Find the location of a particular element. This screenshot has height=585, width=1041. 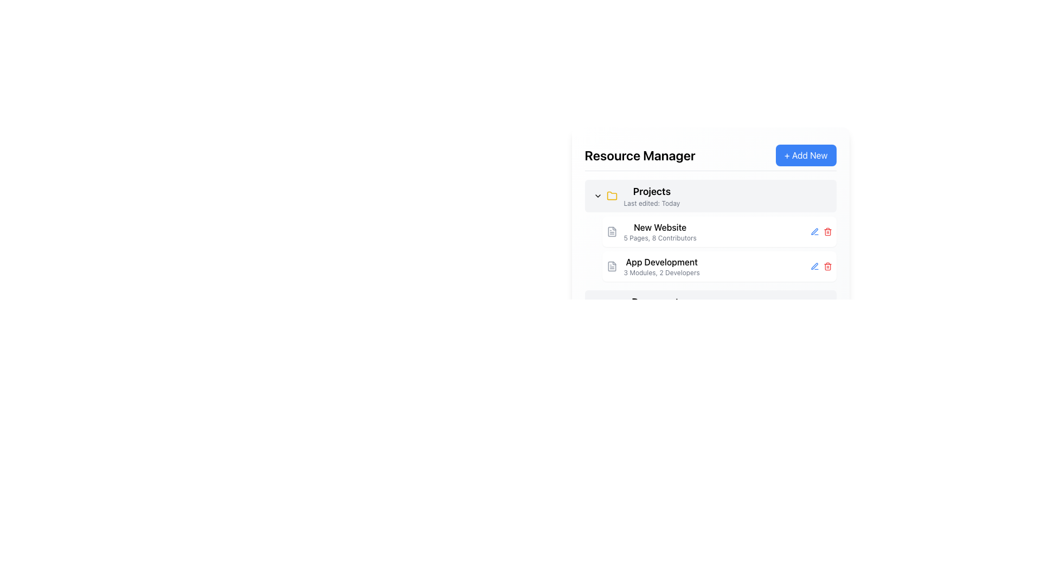

the second list item in the 'Projects' section, which contains the label 'App Development' in bold and larger font, and the details '3 Modules, 2 Developers' in smaller, lighter gray font is located at coordinates (661, 266).